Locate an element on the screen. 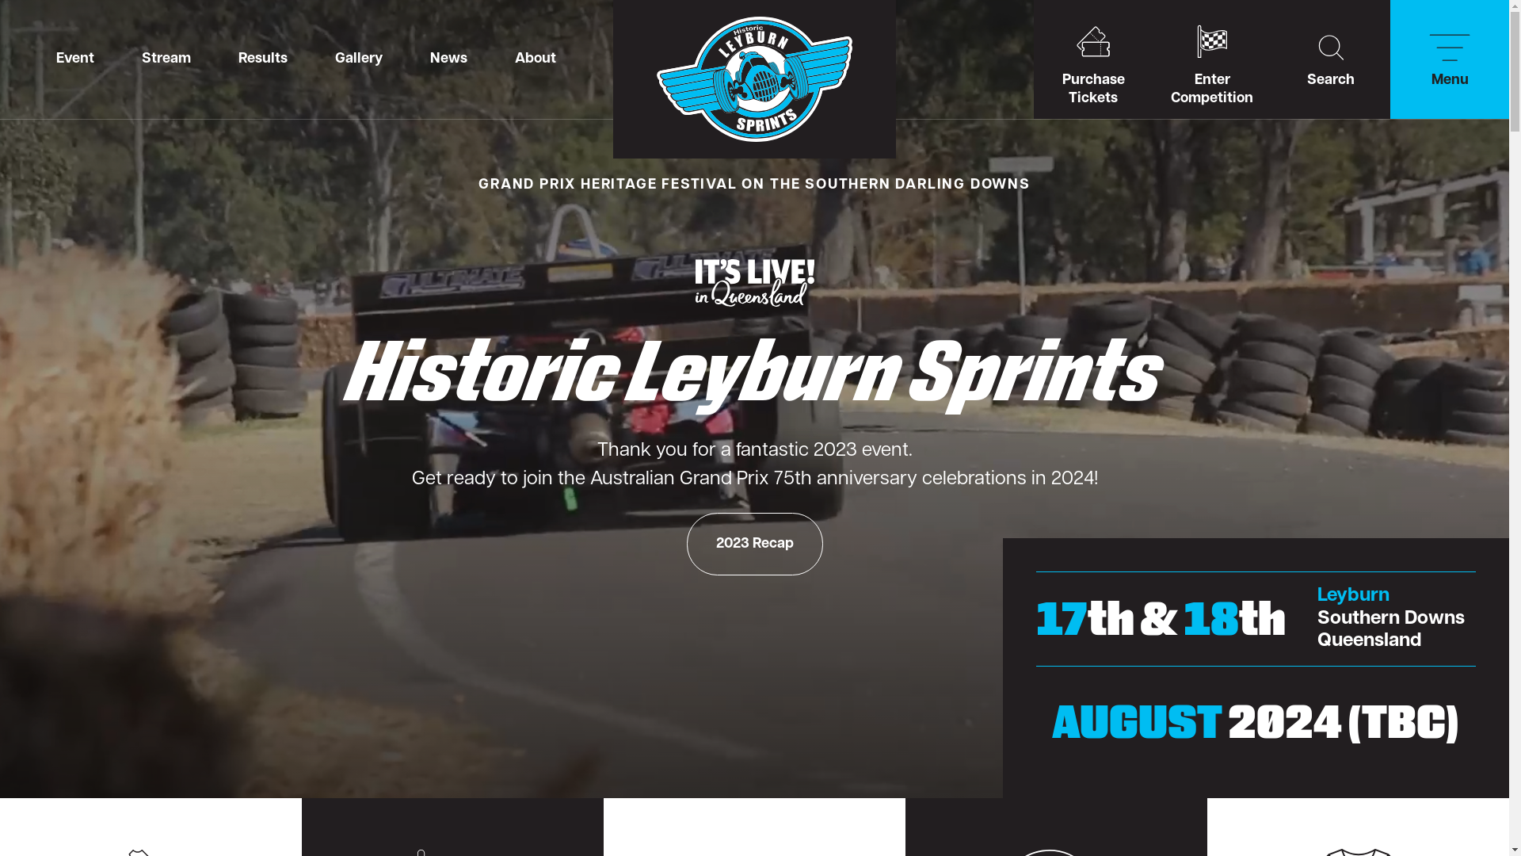 The width and height of the screenshot is (1521, 856). 'News' is located at coordinates (448, 58).